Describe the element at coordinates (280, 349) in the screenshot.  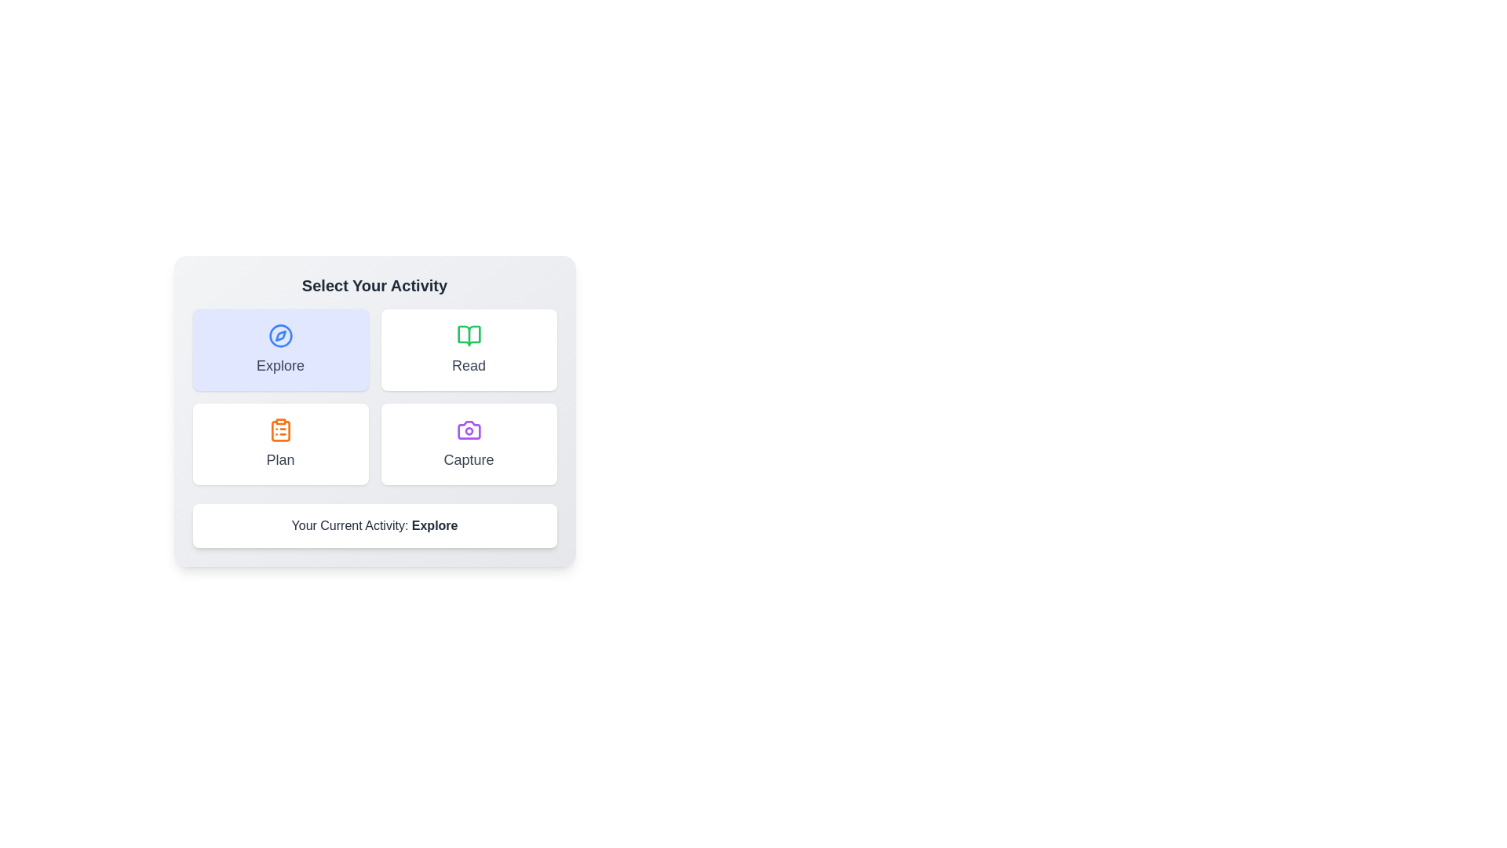
I see `the button corresponding to the activity Explore` at that location.